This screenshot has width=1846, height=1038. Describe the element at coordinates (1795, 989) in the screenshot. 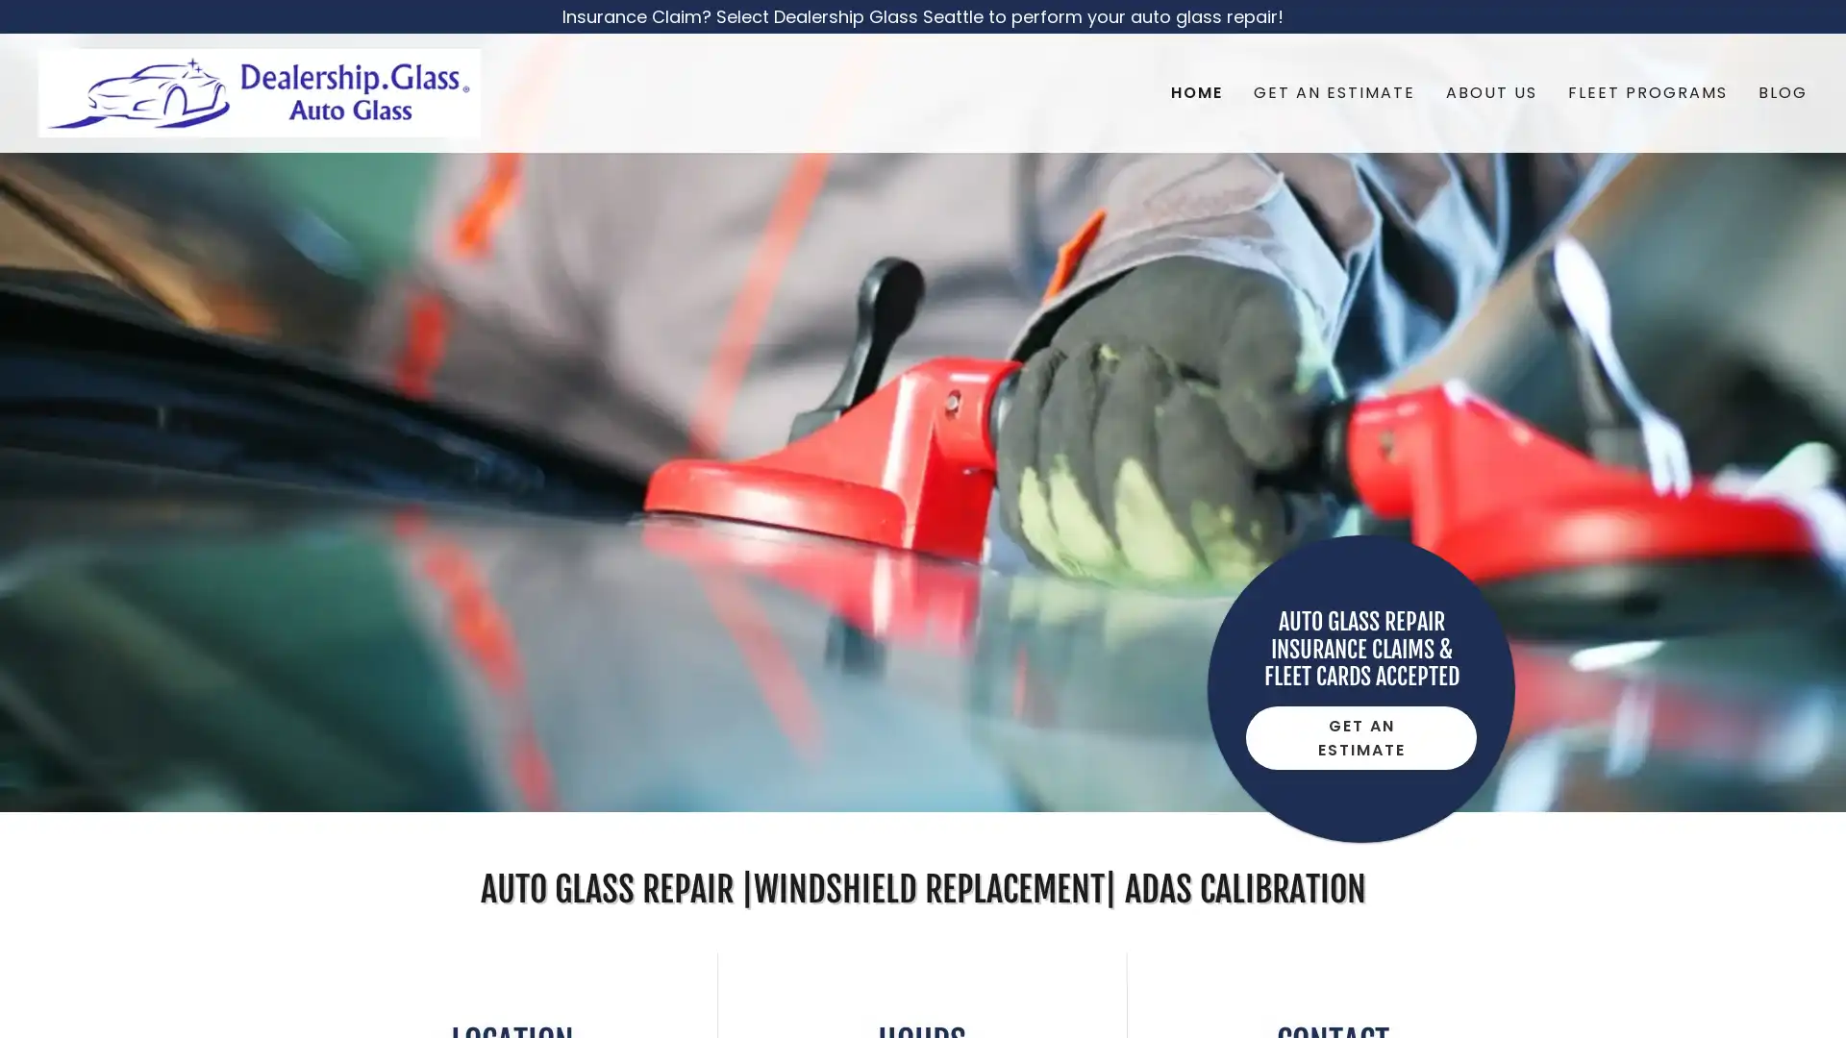

I see `Chat widget toggle` at that location.